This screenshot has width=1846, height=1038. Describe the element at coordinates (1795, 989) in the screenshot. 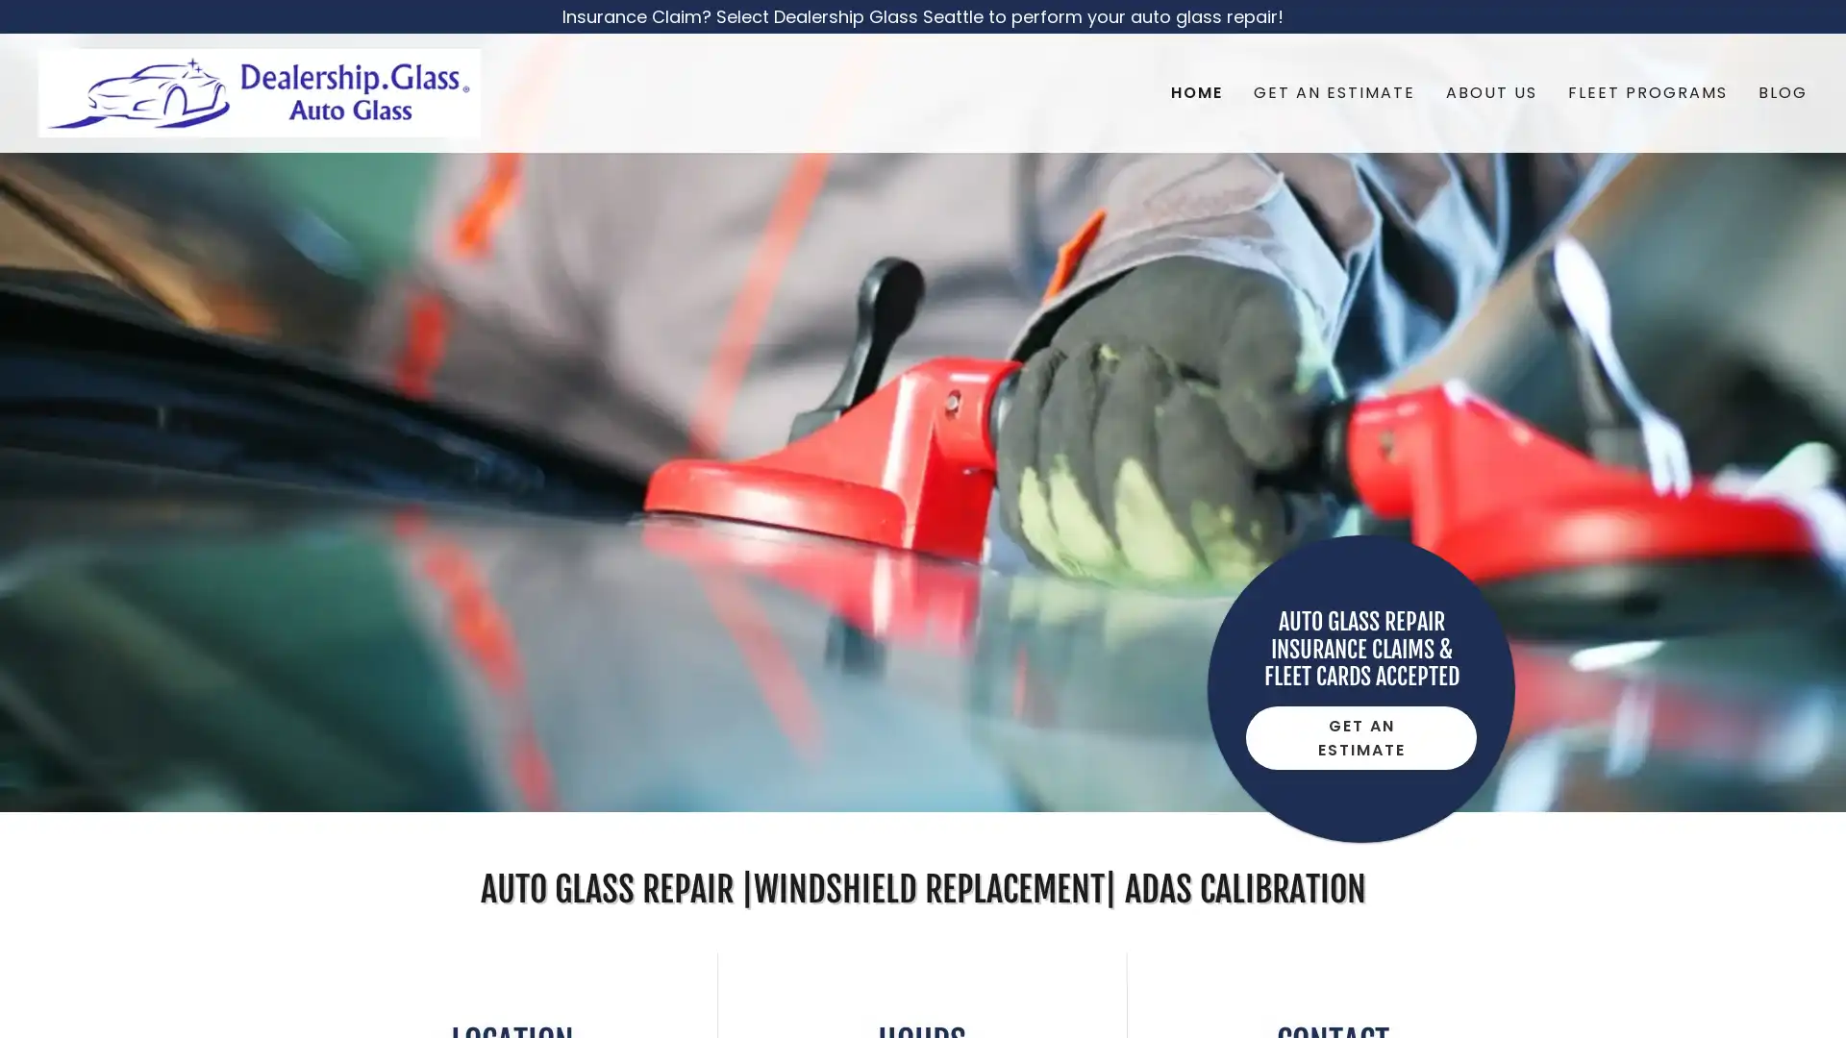

I see `Chat widget toggle` at that location.